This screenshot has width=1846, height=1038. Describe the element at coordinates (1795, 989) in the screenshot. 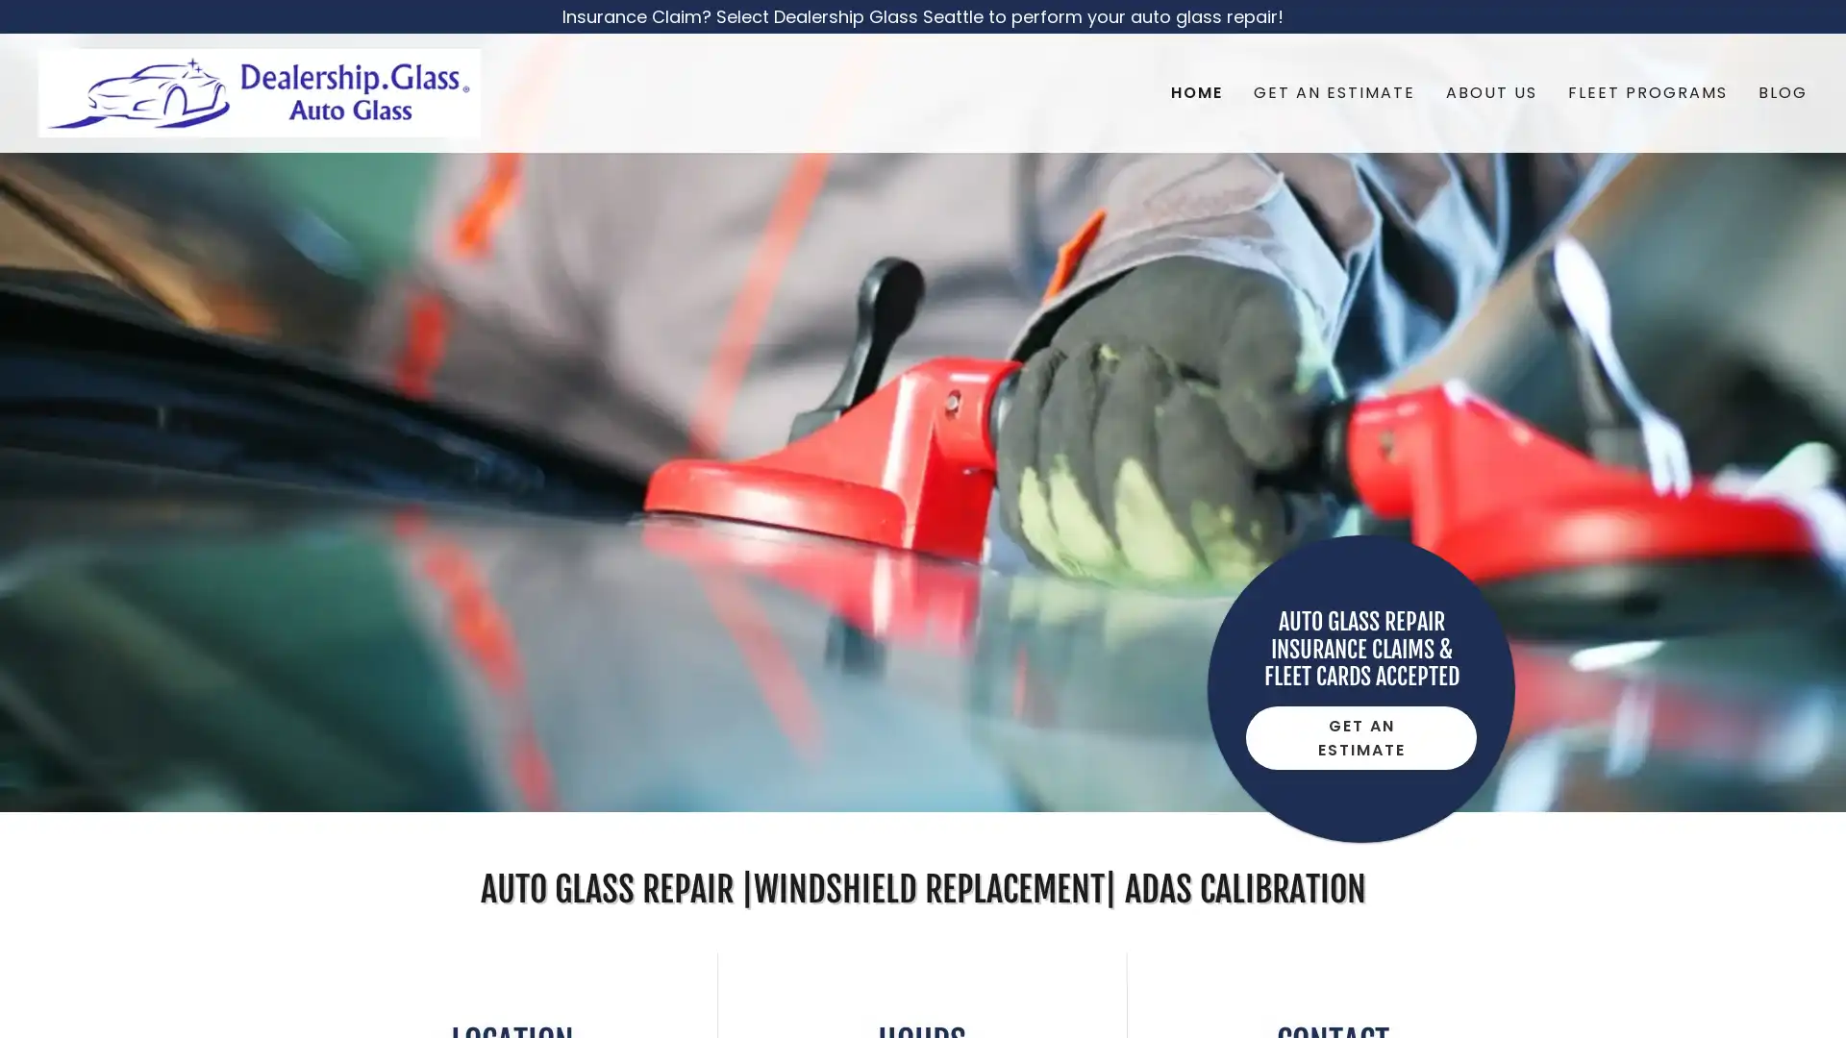

I see `Chat widget toggle` at that location.